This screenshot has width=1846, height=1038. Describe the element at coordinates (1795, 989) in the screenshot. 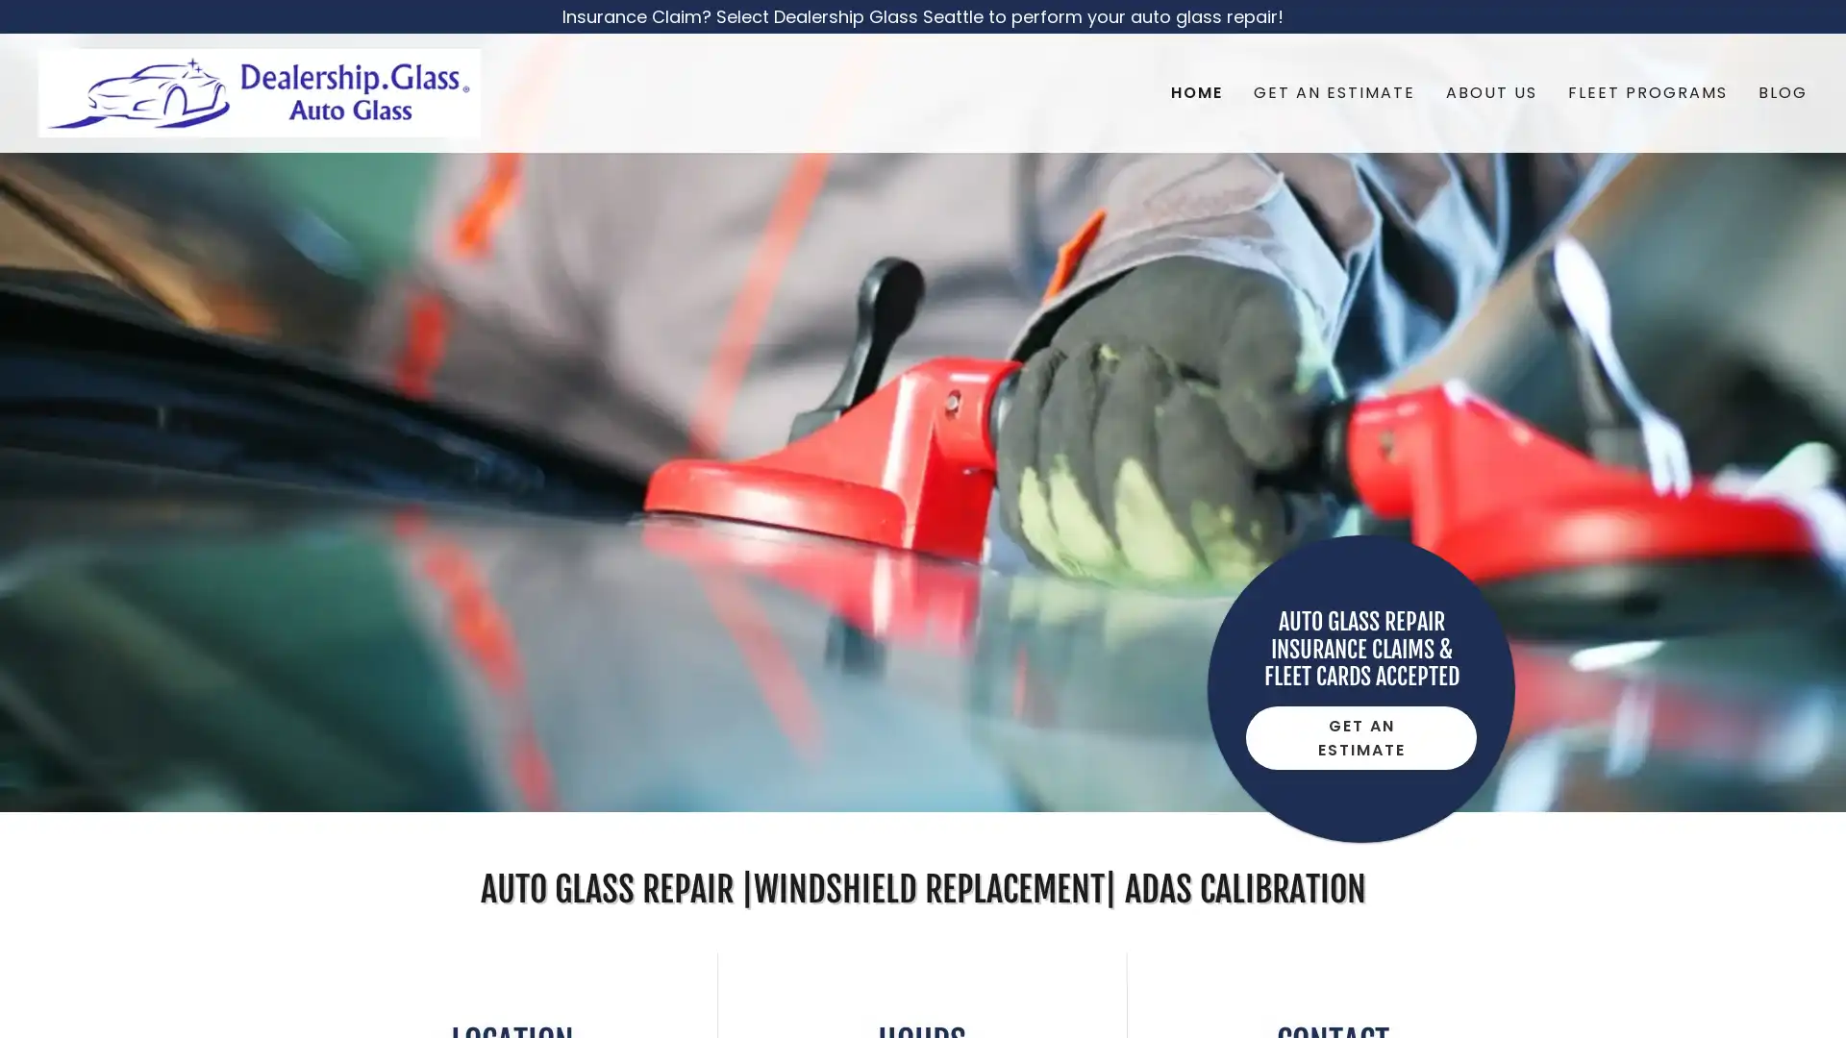

I see `Chat widget toggle` at that location.